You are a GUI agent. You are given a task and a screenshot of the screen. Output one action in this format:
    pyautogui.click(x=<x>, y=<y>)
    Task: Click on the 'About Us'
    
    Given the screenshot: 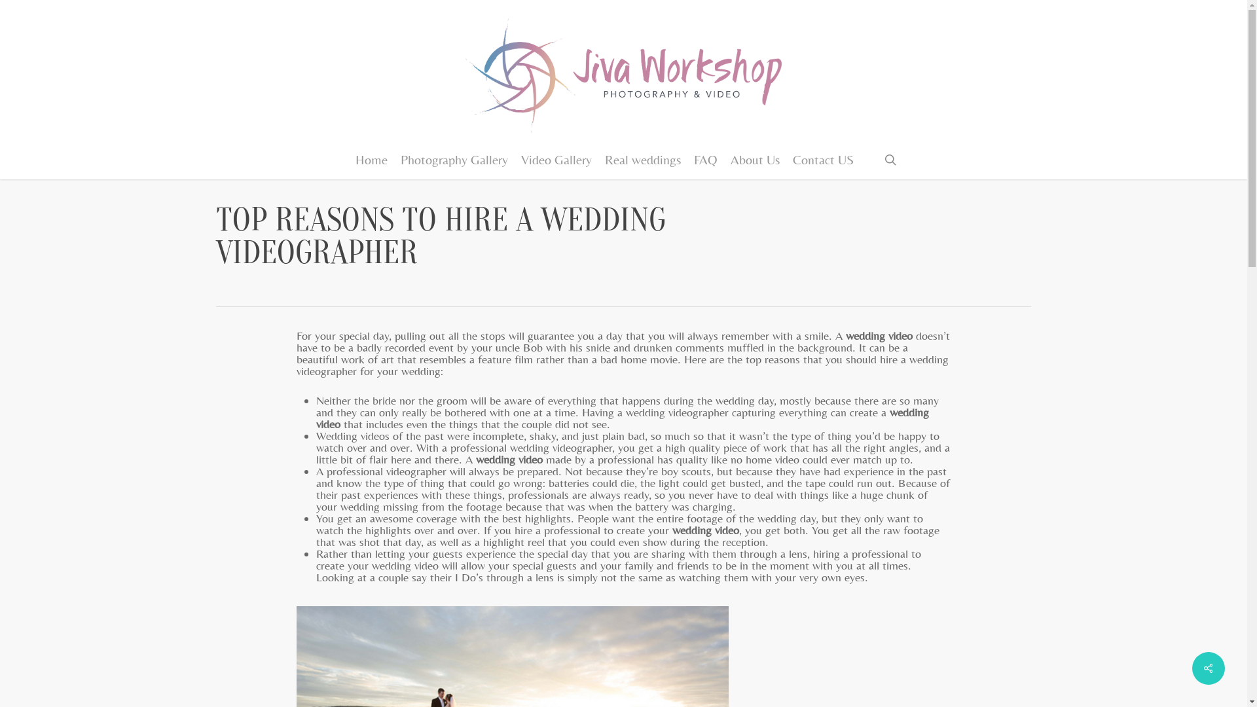 What is the action you would take?
    pyautogui.click(x=755, y=158)
    